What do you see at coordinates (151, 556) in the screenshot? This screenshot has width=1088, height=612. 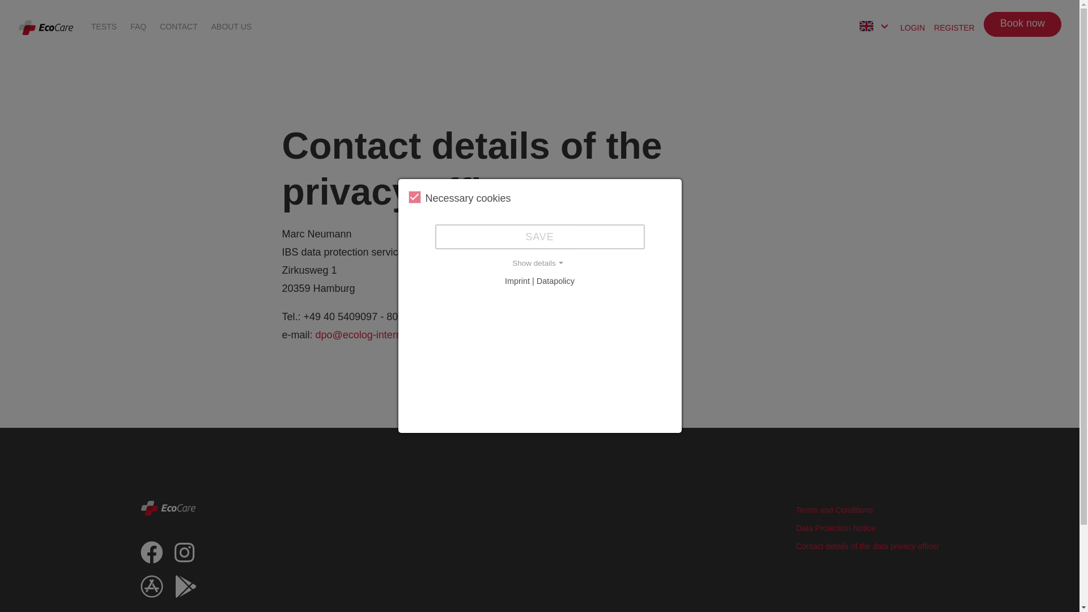 I see `'EcoCare Facebook'` at bounding box center [151, 556].